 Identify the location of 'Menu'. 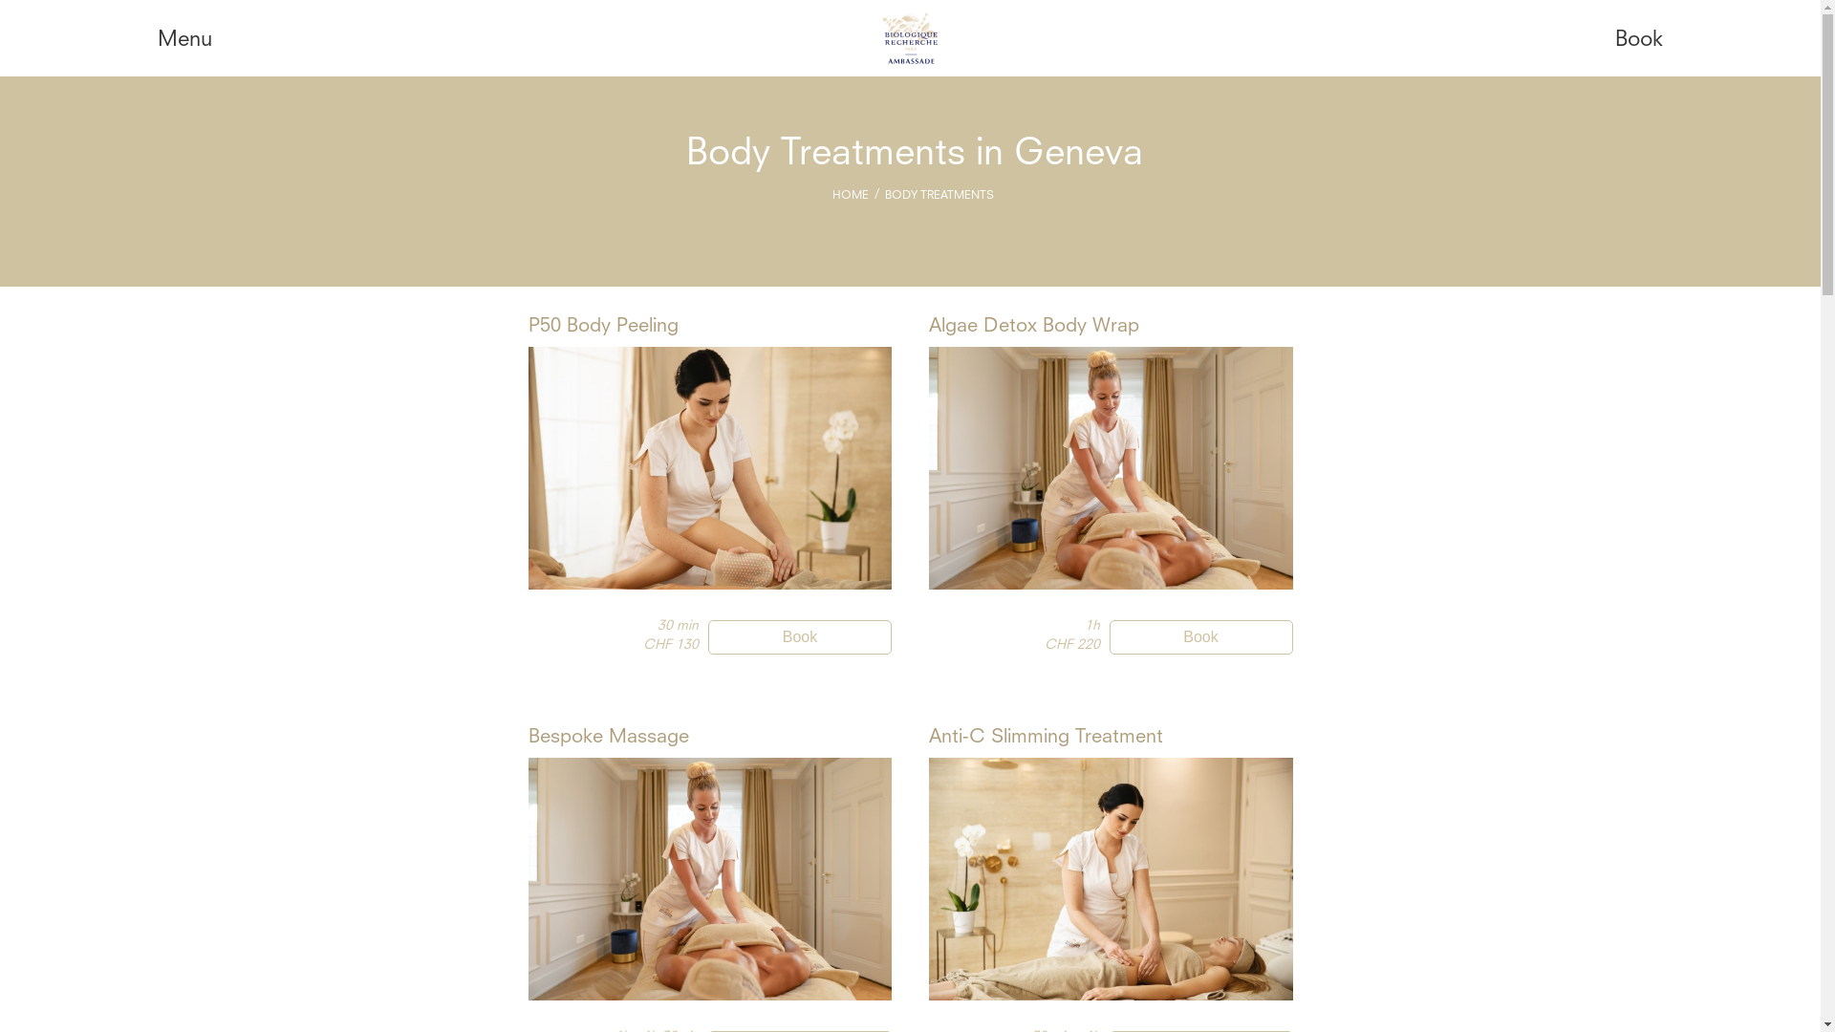
(184, 40).